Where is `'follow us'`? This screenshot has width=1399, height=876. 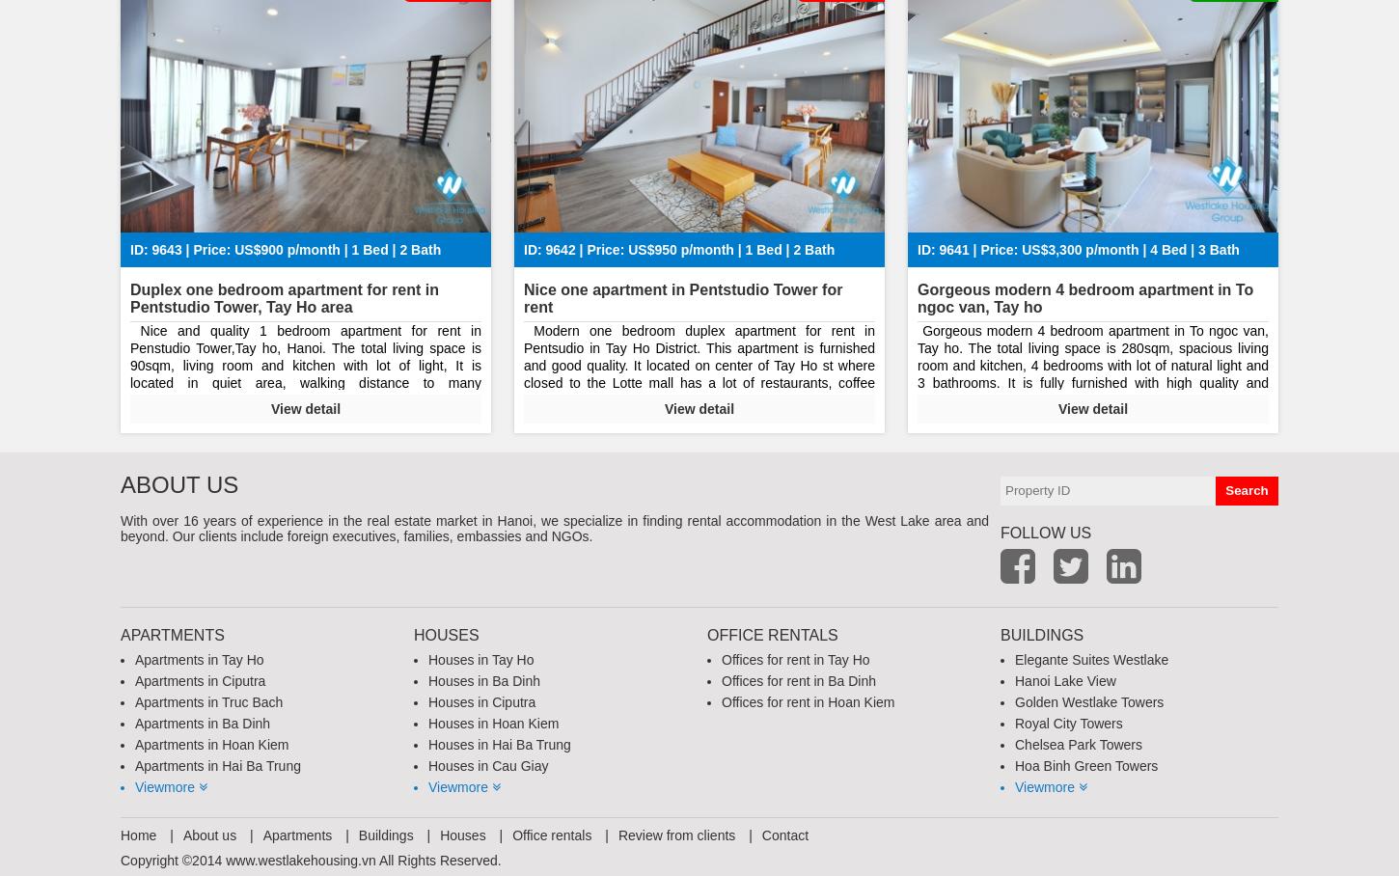 'follow us' is located at coordinates (1046, 531).